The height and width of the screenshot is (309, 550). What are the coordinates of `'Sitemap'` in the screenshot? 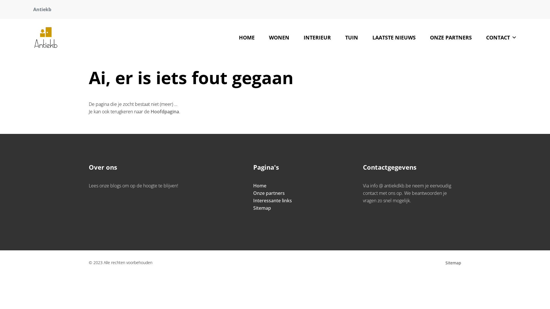 It's located at (262, 208).